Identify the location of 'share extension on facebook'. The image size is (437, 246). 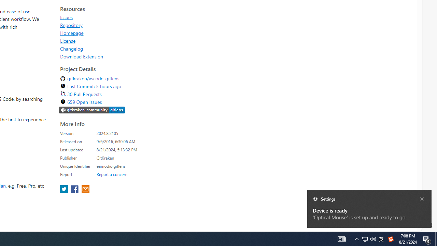
(75, 190).